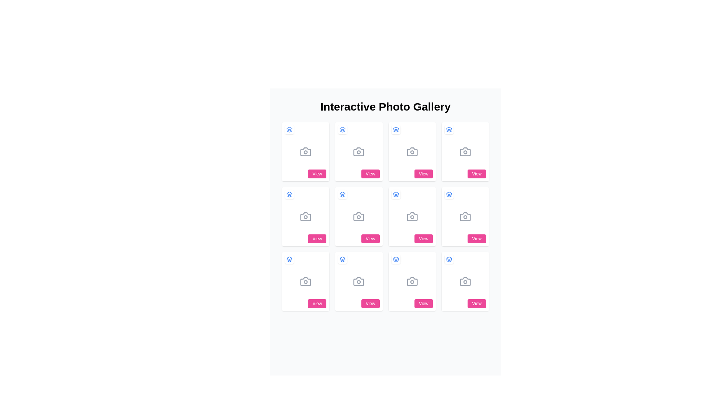  Describe the element at coordinates (306, 281) in the screenshot. I see `the Card with an interactive button, which features a pink 'View' button, a centered camera icon, and a small blue layered icon in the top-left corner` at that location.